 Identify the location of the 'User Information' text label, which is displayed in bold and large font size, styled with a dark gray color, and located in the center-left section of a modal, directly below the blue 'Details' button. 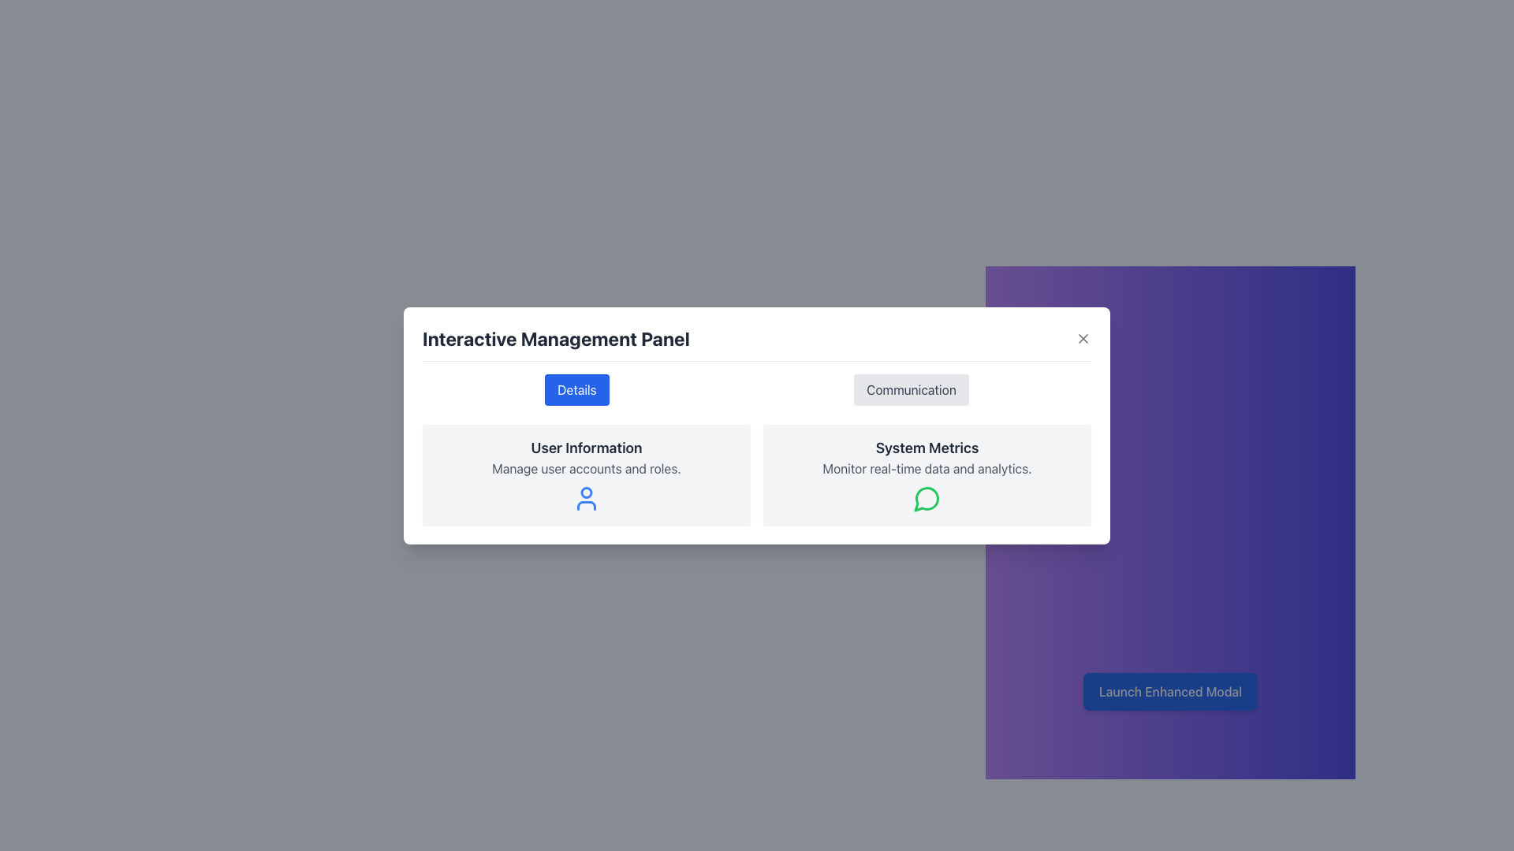
(586, 448).